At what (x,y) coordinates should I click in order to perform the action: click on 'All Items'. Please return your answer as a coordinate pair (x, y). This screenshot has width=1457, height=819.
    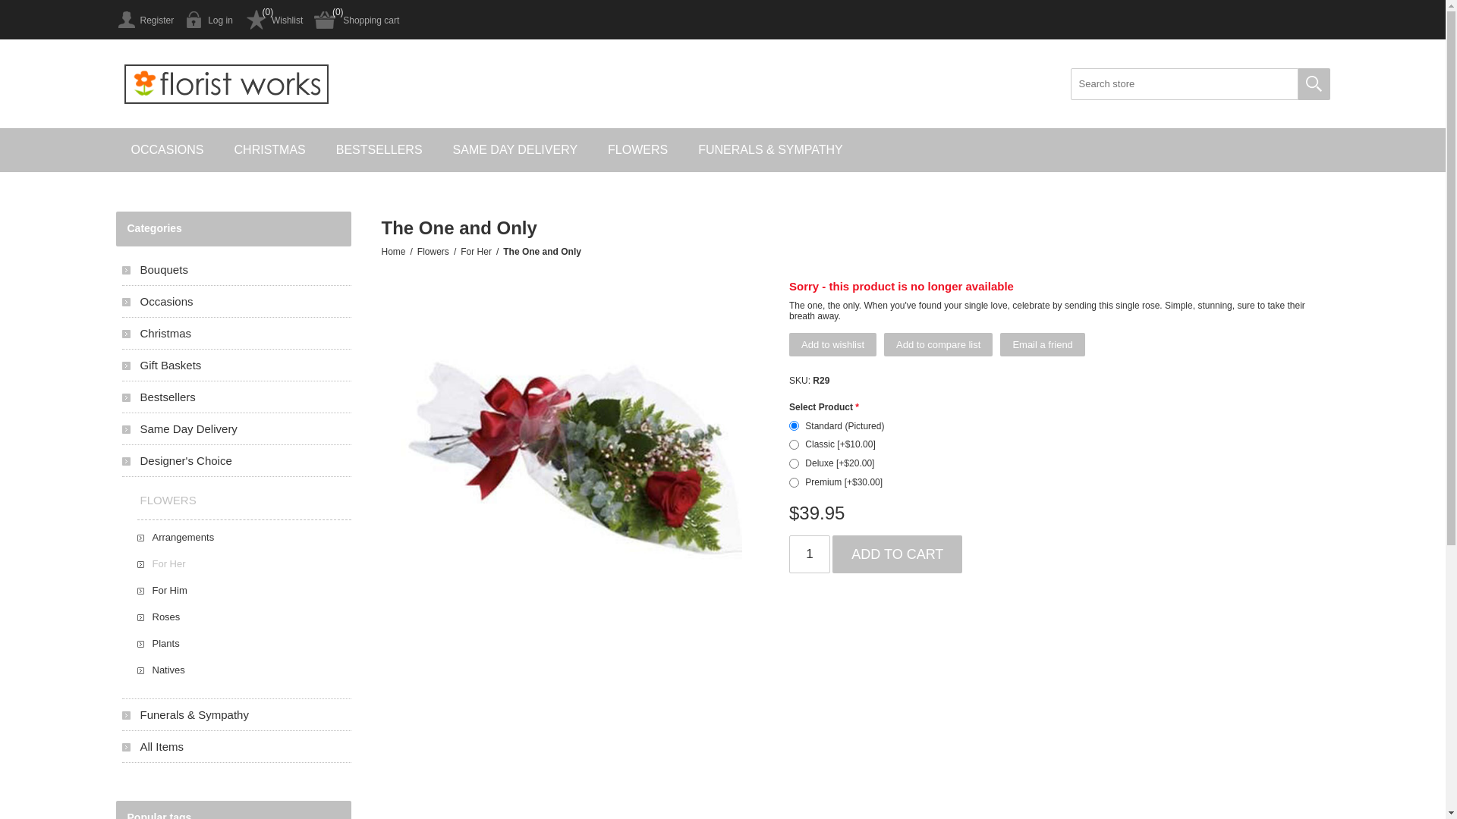
    Looking at the image, I should click on (235, 745).